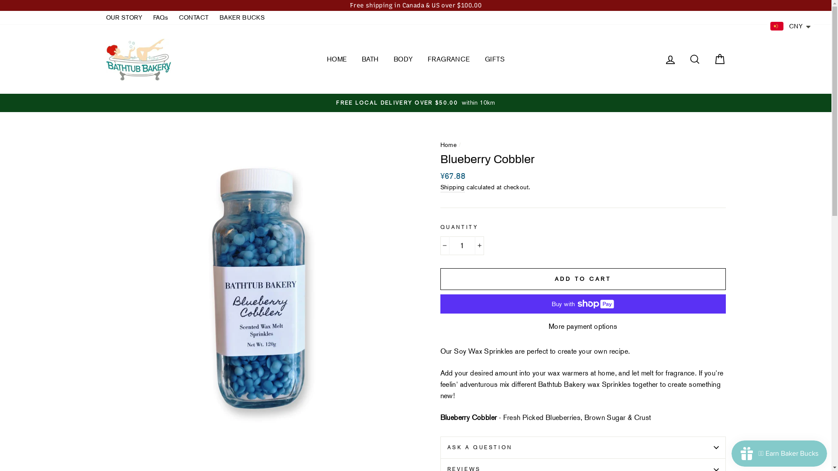 The width and height of the screenshot is (838, 471). What do you see at coordinates (719, 59) in the screenshot?
I see `'Cart'` at bounding box center [719, 59].